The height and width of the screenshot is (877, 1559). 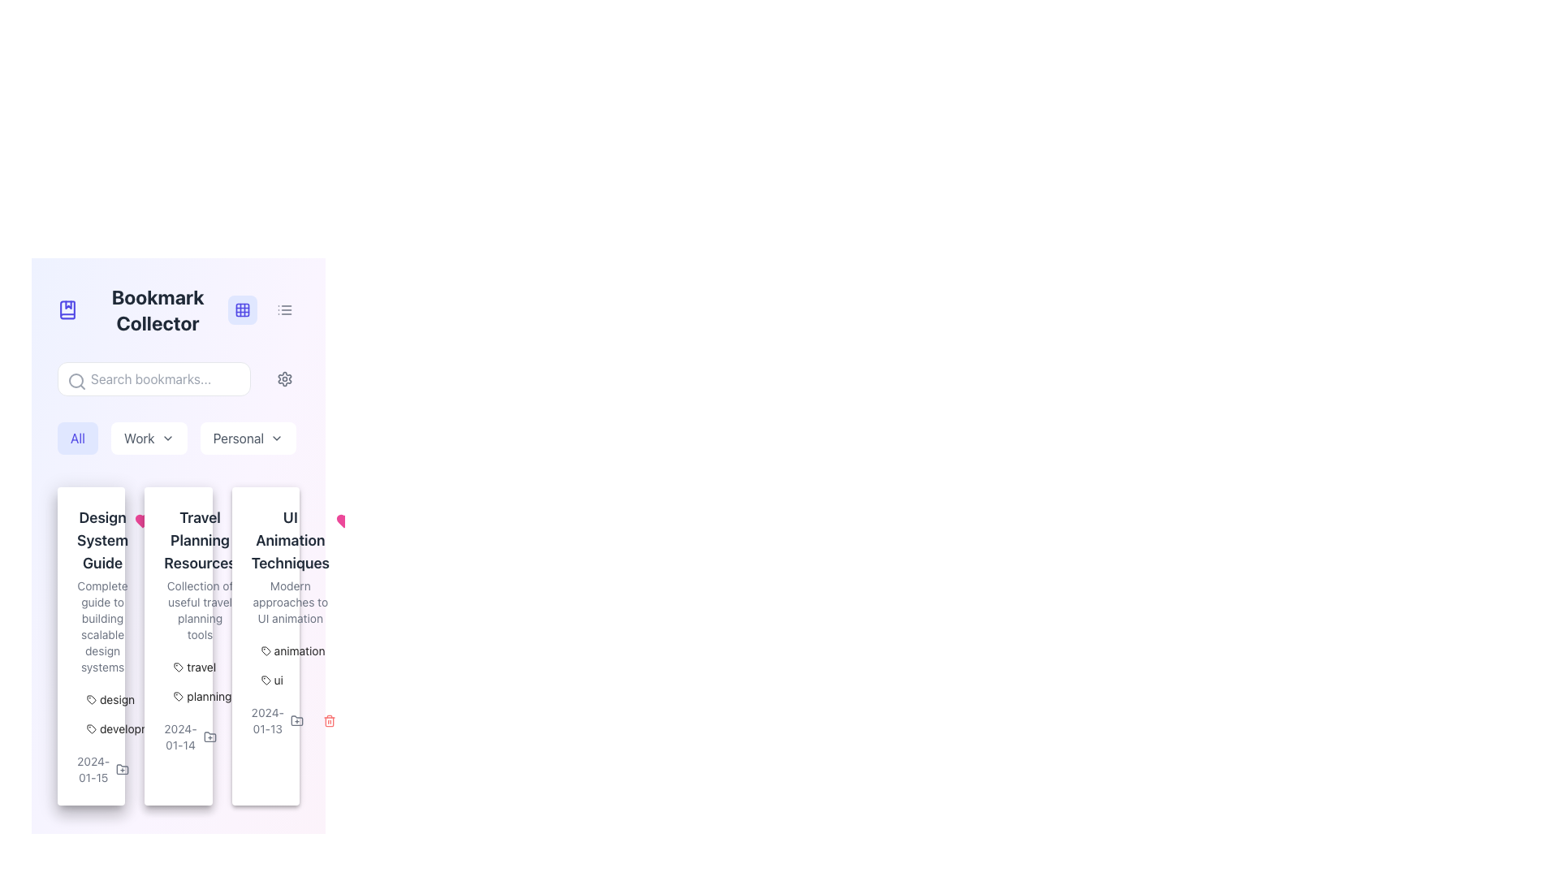 I want to click on the card containing the date label, which is centrally aligned below the tags 'animation' and 'ui' at the bottom of the third card, so click(x=266, y=719).